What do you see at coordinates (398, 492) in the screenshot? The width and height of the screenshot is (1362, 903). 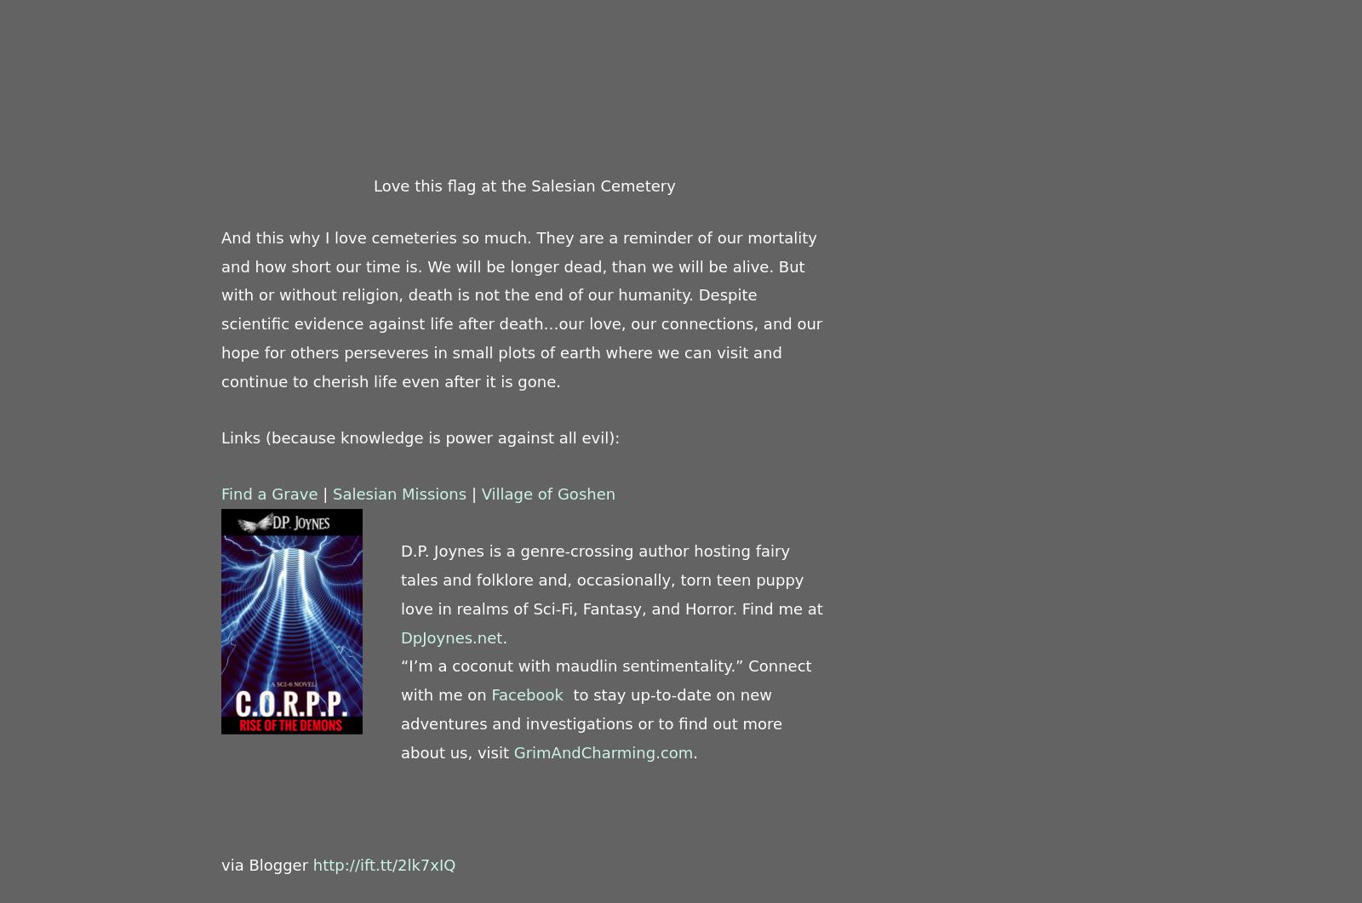 I see `'Salesian Missions'` at bounding box center [398, 492].